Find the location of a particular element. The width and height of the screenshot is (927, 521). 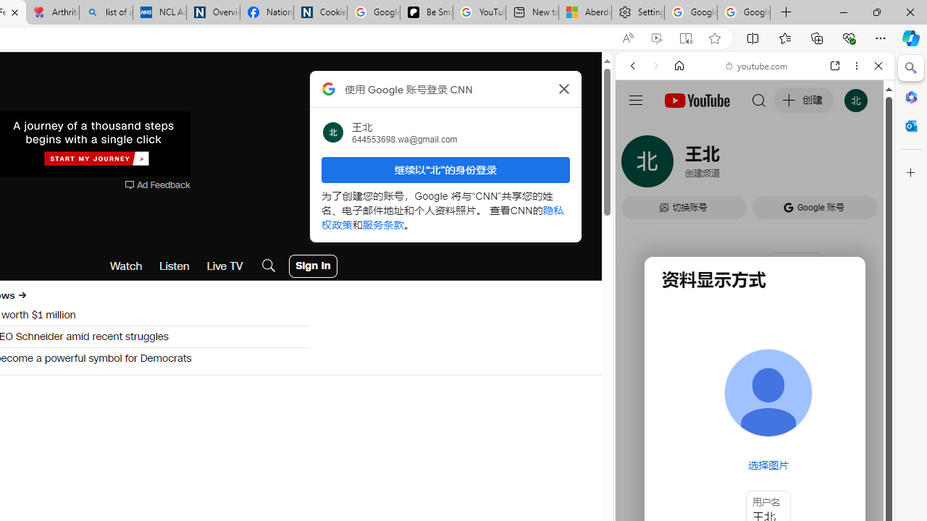

'Live TV' is located at coordinates (224, 266).